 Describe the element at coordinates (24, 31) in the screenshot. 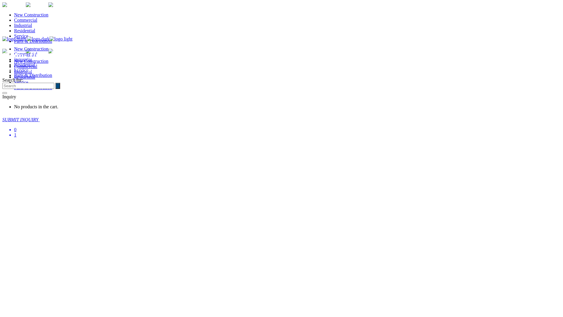

I see `'Residential'` at that location.